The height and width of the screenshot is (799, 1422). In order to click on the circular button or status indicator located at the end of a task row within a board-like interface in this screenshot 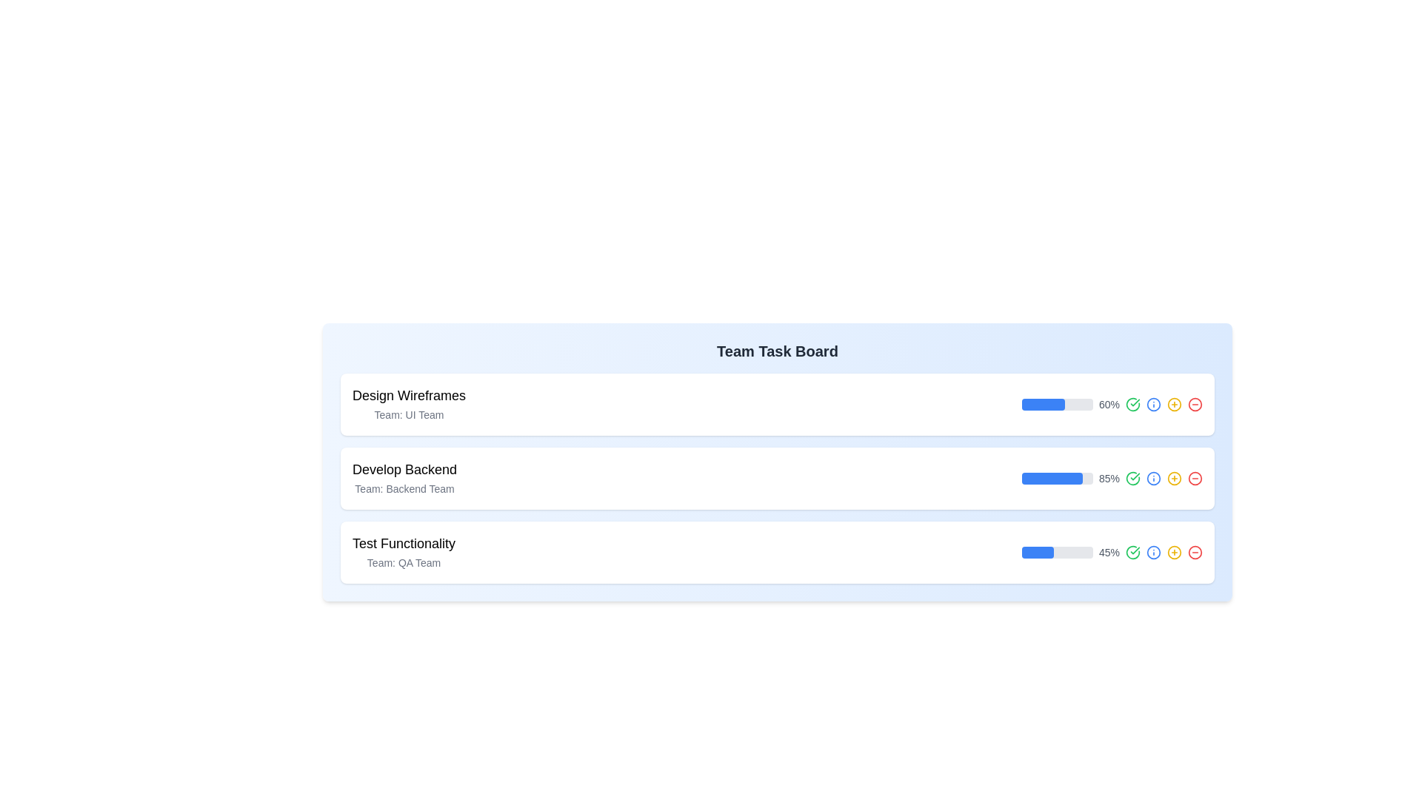, I will do `click(1173, 405)`.